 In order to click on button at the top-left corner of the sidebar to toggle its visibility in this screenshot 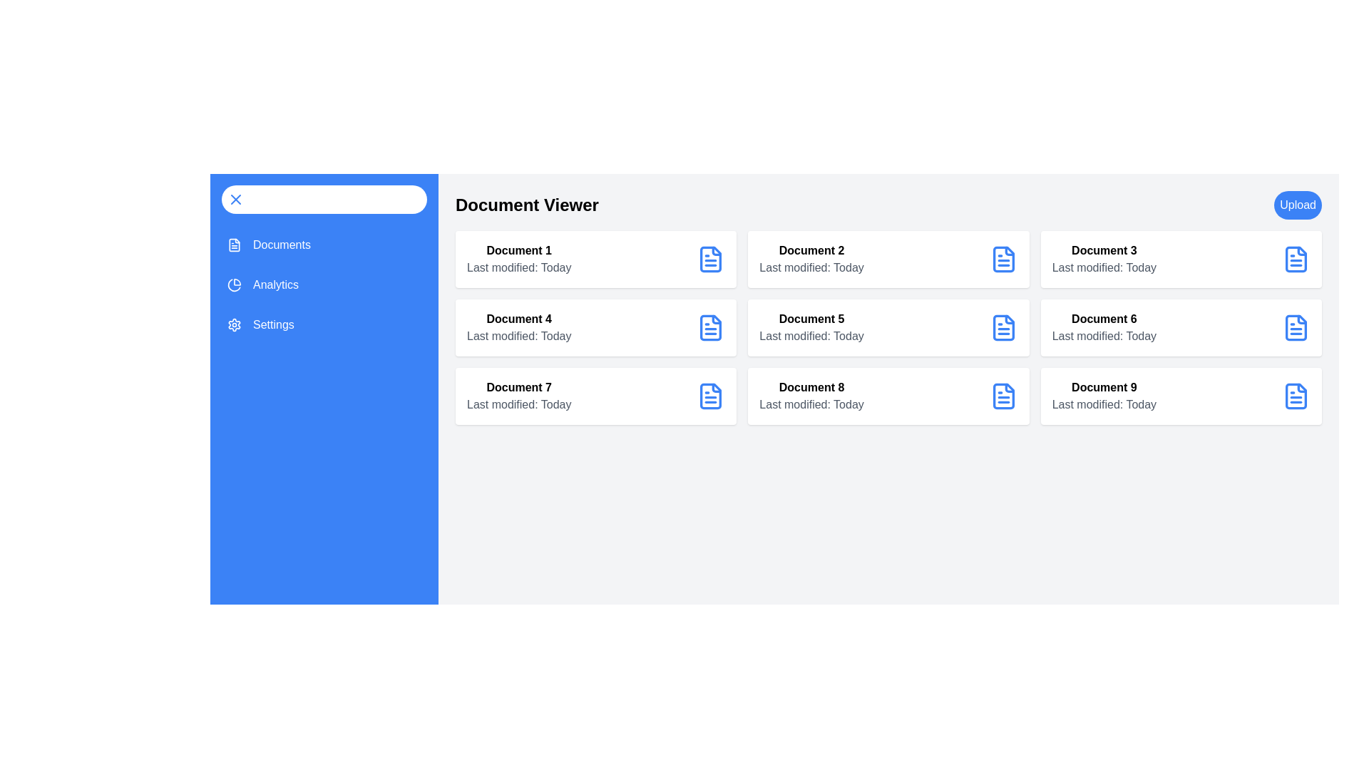, I will do `click(221, 200)`.